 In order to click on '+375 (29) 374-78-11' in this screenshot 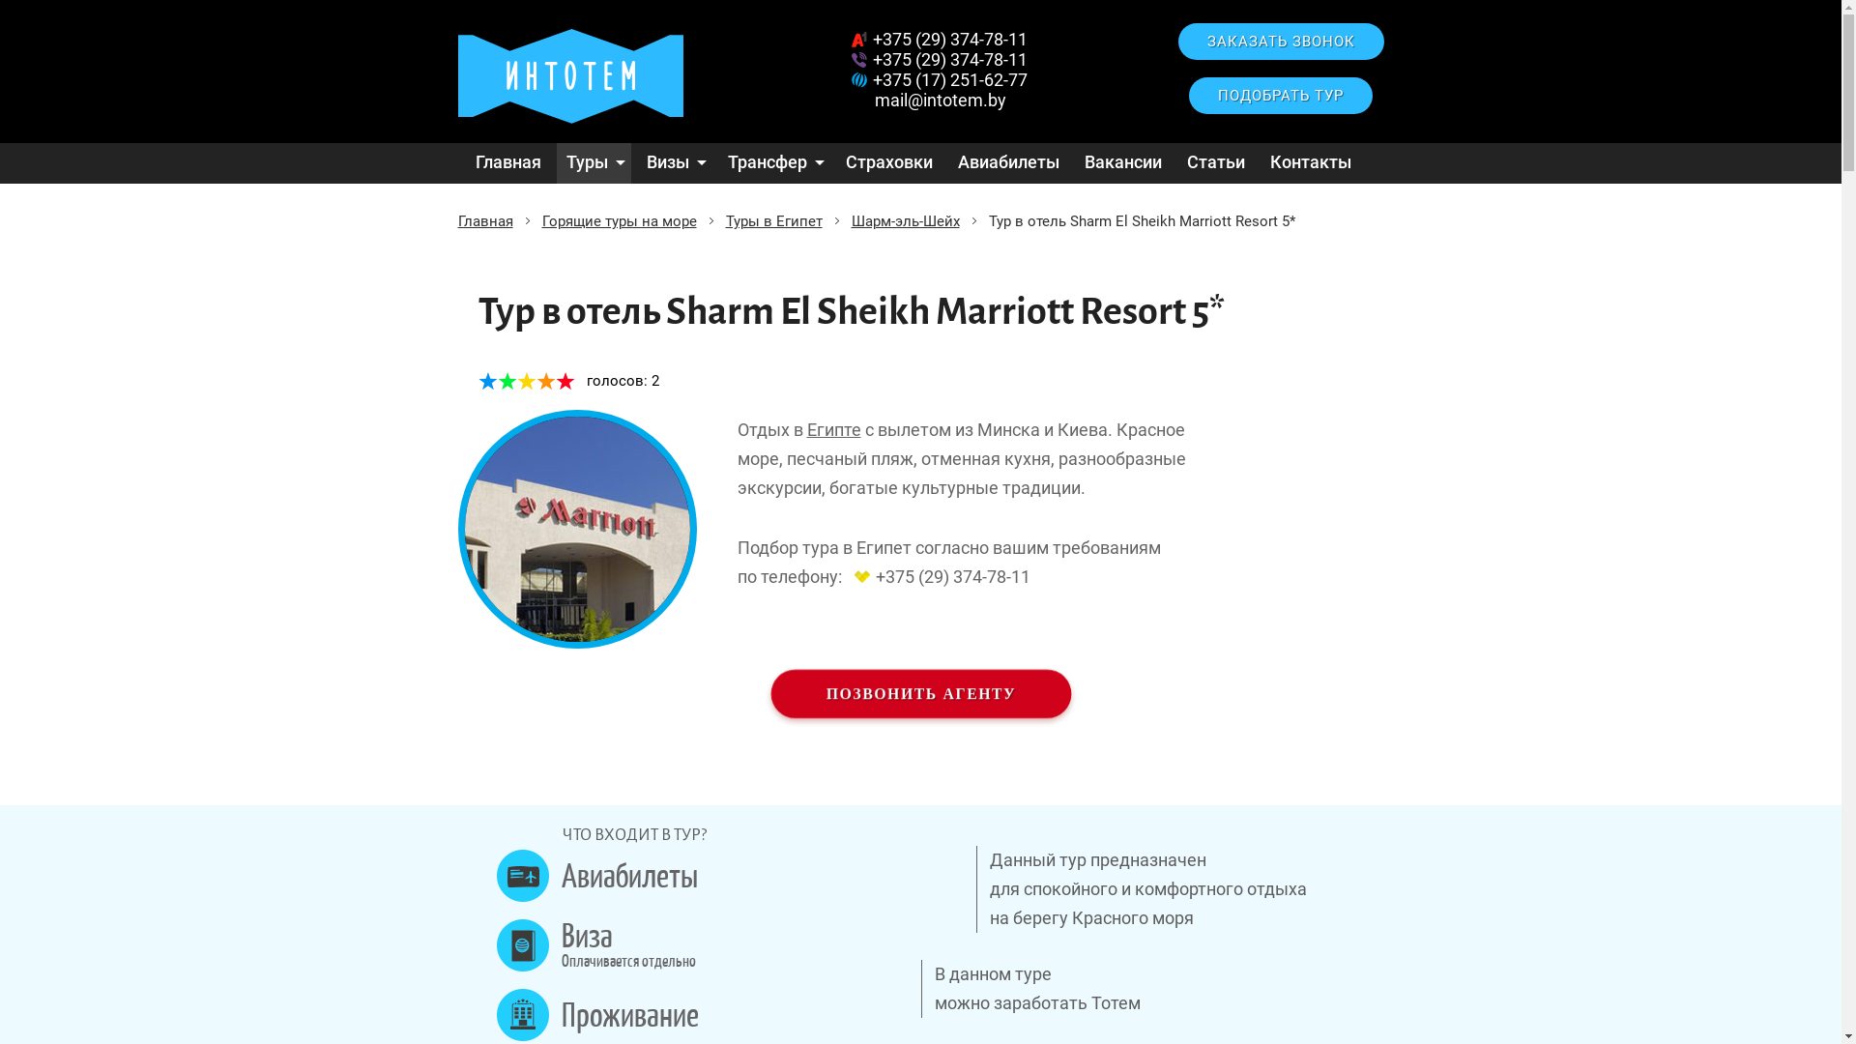, I will do `click(935, 39)`.